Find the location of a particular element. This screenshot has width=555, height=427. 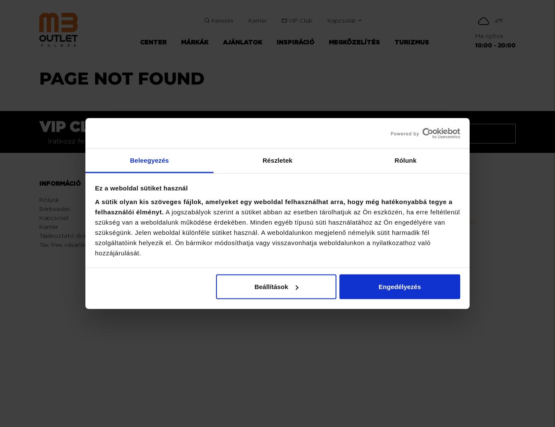

'TURIZMUS' is located at coordinates (411, 42).